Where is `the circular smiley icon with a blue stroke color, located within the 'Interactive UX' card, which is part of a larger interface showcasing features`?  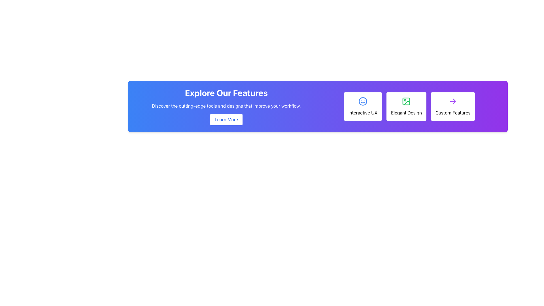 the circular smiley icon with a blue stroke color, located within the 'Interactive UX' card, which is part of a larger interface showcasing features is located at coordinates (363, 101).